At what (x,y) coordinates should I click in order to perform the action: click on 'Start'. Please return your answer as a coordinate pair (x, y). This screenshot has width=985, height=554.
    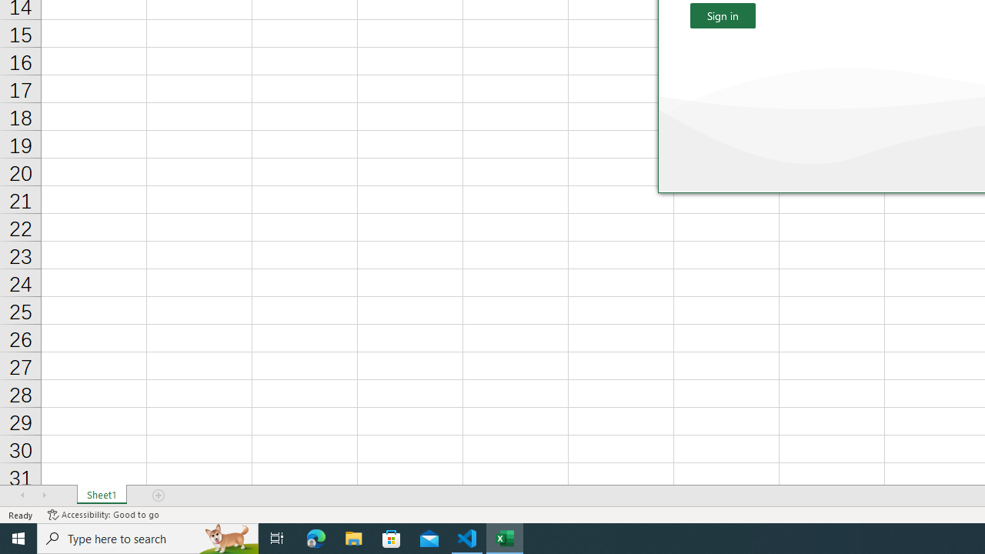
    Looking at the image, I should click on (18, 537).